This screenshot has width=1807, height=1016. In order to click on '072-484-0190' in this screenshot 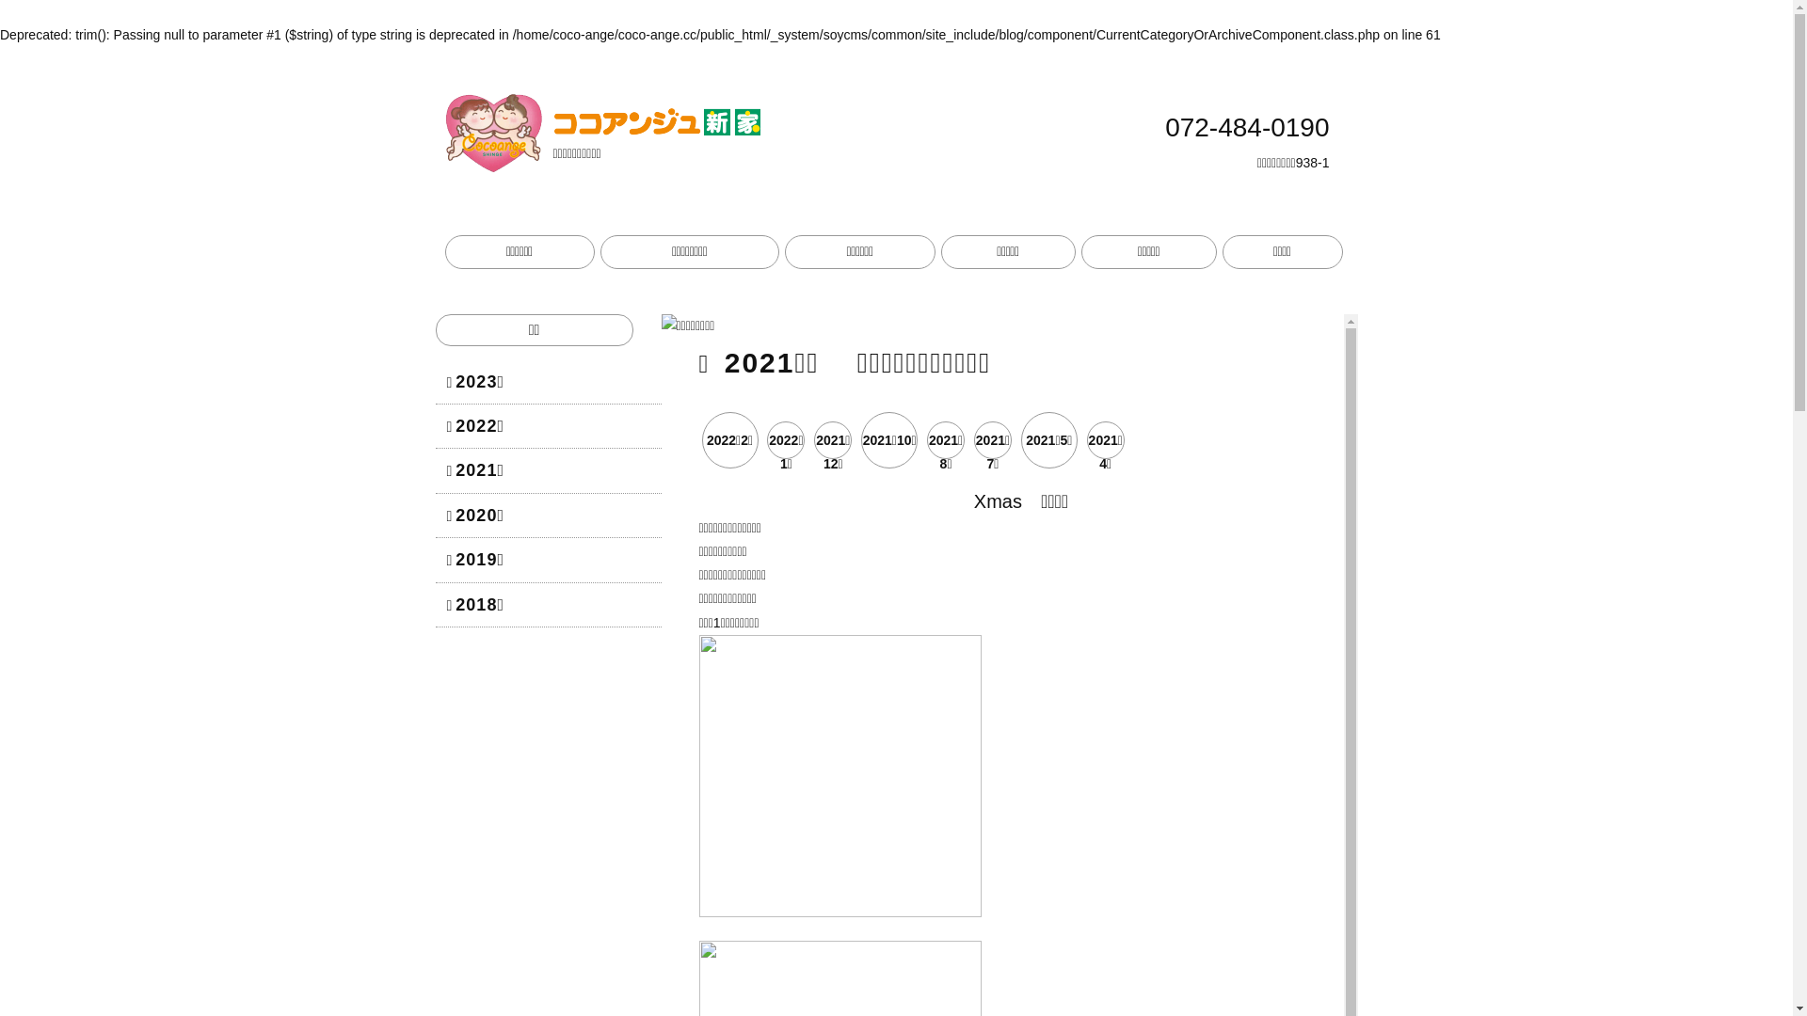, I will do `click(1242, 141)`.